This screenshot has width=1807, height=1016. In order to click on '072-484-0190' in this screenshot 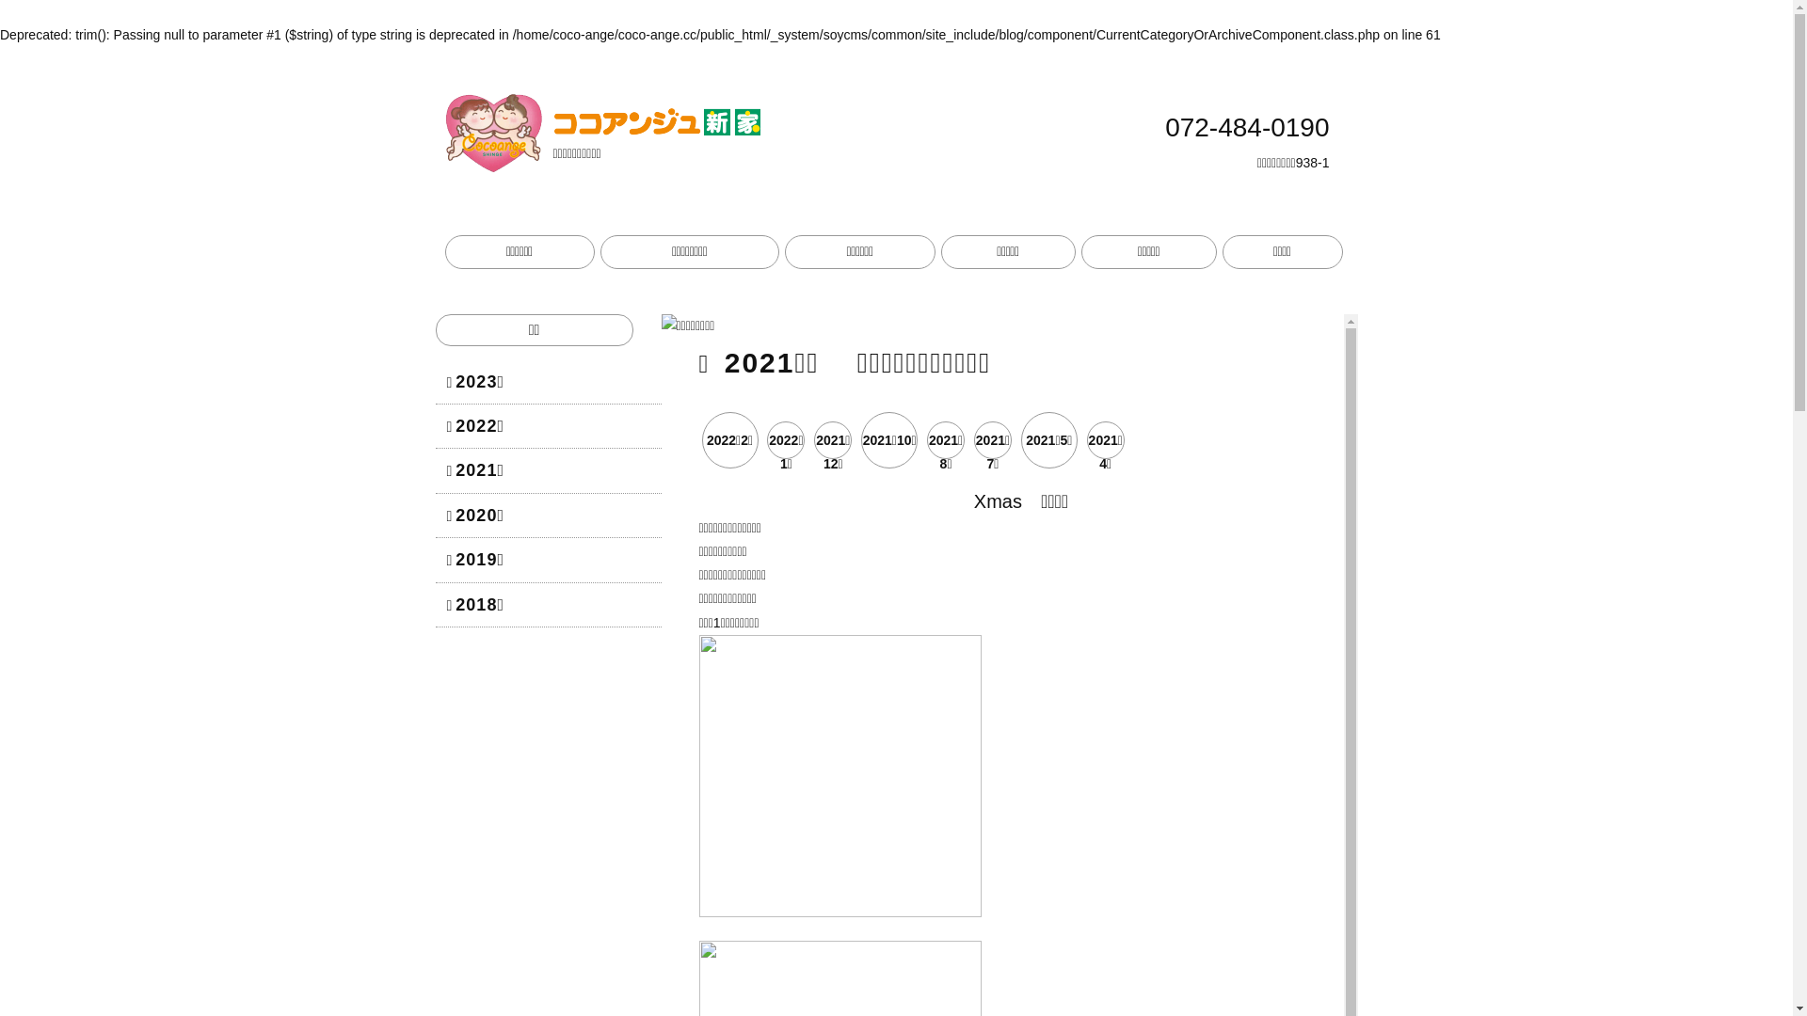, I will do `click(1242, 141)`.